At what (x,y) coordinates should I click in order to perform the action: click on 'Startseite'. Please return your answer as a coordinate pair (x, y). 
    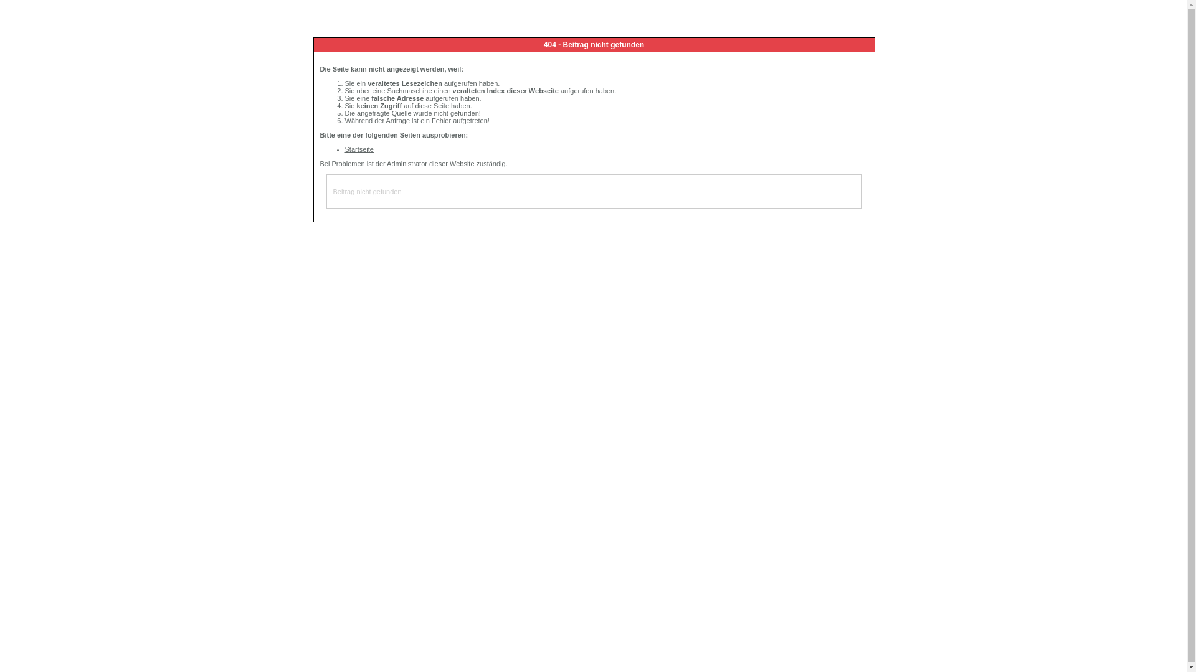
    Looking at the image, I should click on (358, 148).